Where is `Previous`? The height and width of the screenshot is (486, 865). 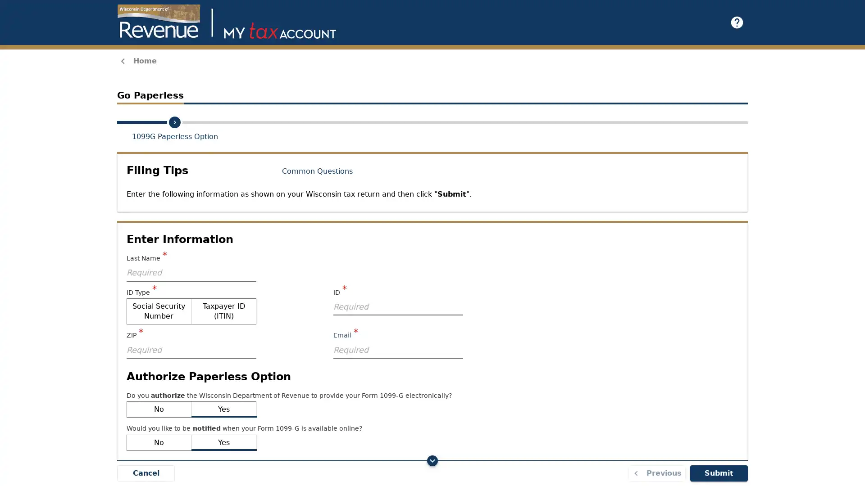 Previous is located at coordinates (657, 472).